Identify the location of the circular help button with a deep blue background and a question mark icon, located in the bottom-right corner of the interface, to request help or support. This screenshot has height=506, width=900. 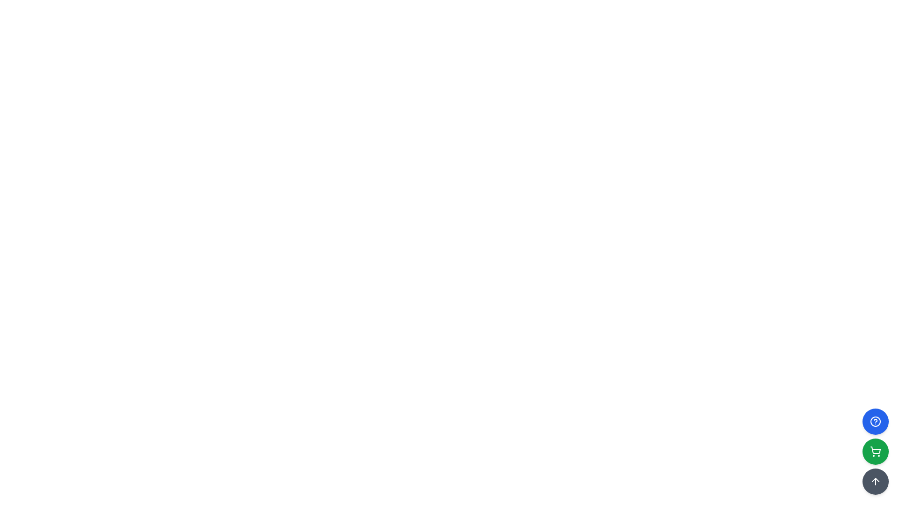
(875, 421).